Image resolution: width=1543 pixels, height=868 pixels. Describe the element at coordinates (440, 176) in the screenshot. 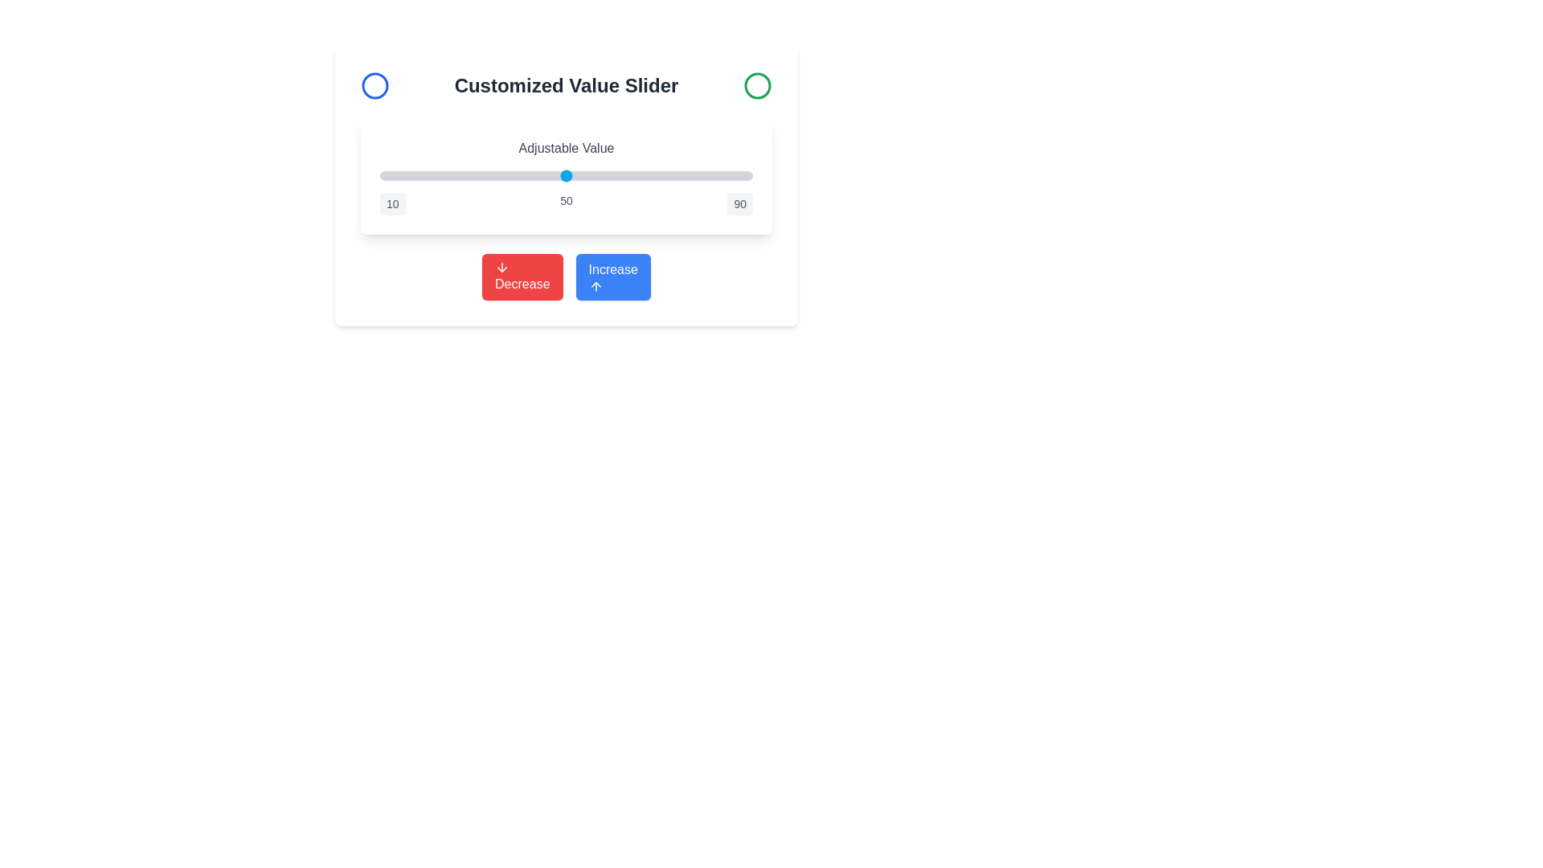

I see `adjustable value` at that location.